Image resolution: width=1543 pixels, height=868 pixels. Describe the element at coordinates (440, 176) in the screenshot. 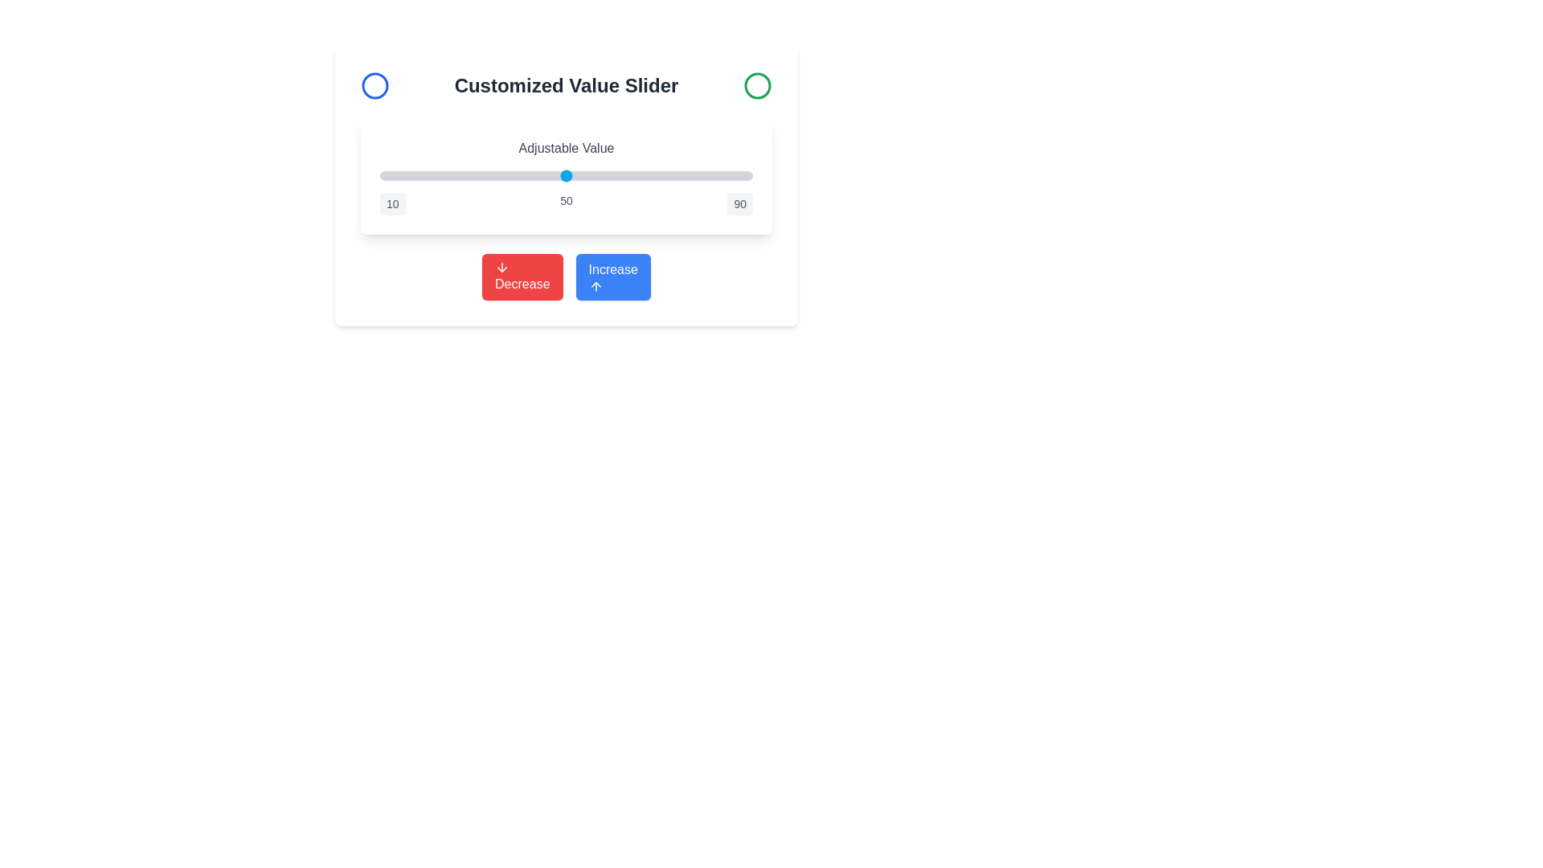

I see `adjustable value` at that location.